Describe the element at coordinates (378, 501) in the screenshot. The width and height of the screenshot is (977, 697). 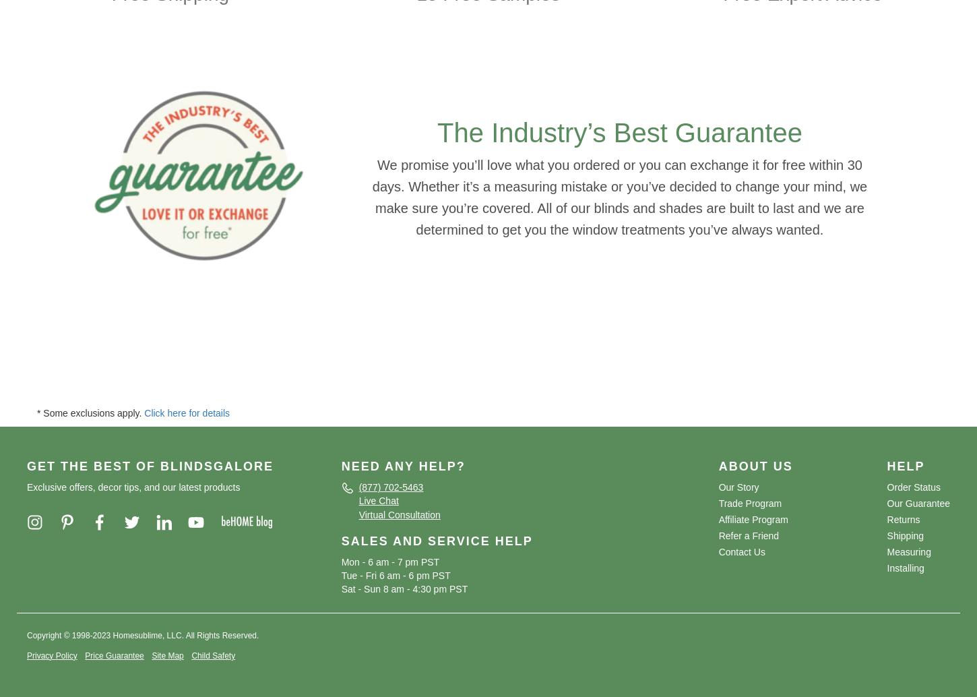
I see `'Live Chat'` at that location.